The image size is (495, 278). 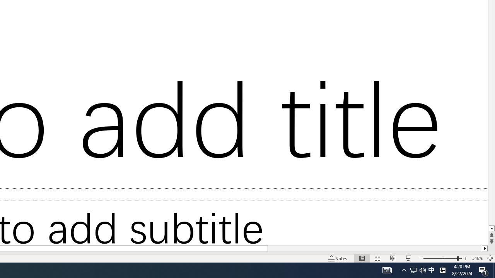 I want to click on 'Zoom Out', so click(x=440, y=258).